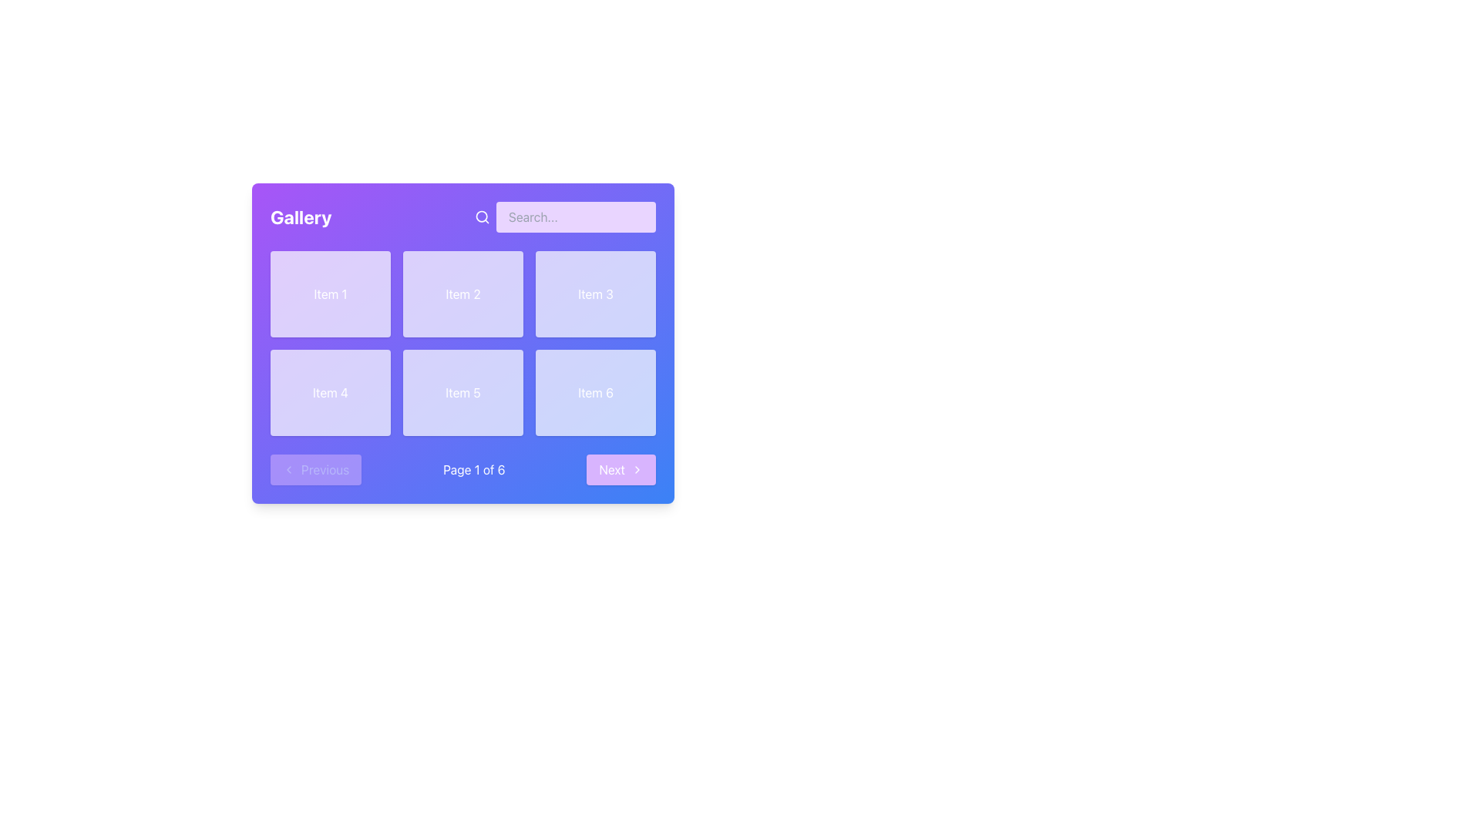 Image resolution: width=1480 pixels, height=832 pixels. I want to click on the rectangular tile with a light purple background and the text 'Item 6' centered in white font, which is the last tile in the second row of the grid layout, so click(594, 391).